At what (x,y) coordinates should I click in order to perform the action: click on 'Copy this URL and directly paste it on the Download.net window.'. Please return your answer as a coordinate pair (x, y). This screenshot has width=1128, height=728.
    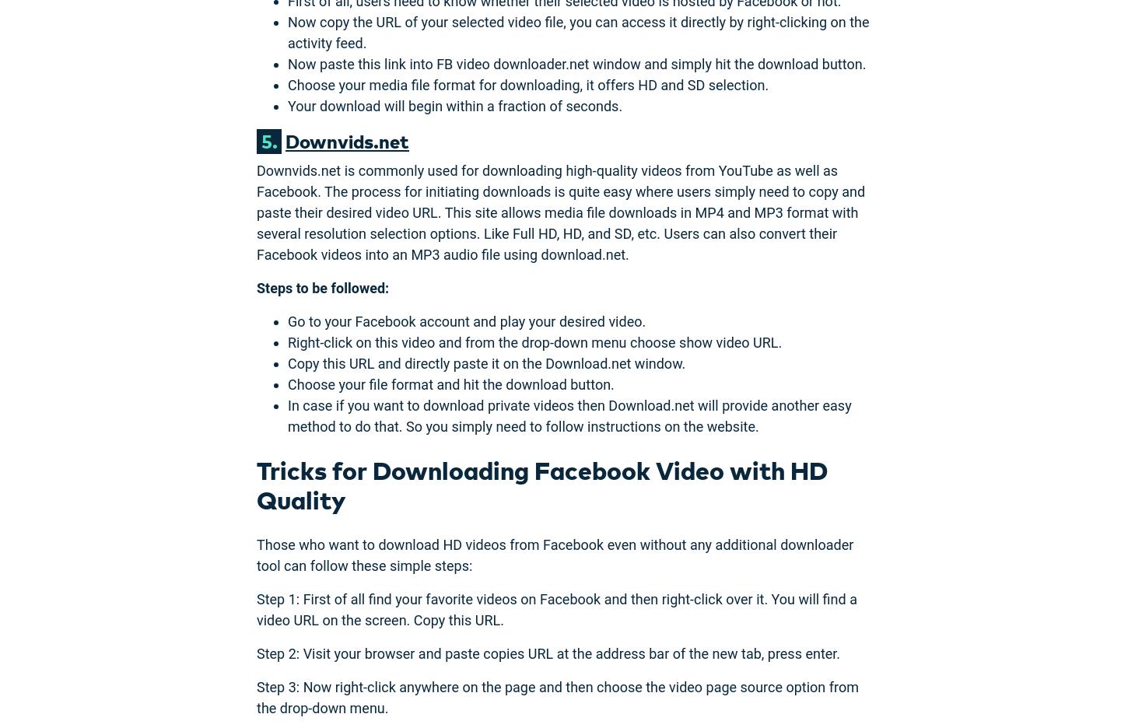
    Looking at the image, I should click on (485, 362).